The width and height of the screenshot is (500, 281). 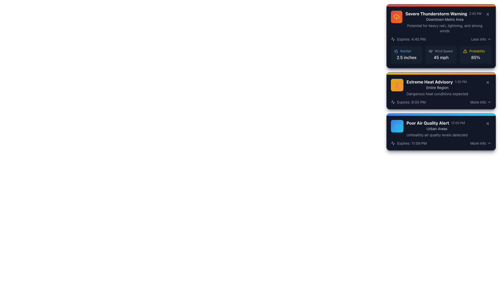 I want to click on the toggle button located in the bottom-right corner of the uppermost notification card, so click(x=481, y=39).